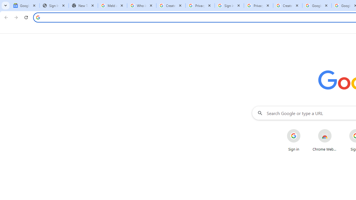 The image size is (356, 200). I want to click on 'Who is my administrator? - Google Account Help', so click(142, 6).